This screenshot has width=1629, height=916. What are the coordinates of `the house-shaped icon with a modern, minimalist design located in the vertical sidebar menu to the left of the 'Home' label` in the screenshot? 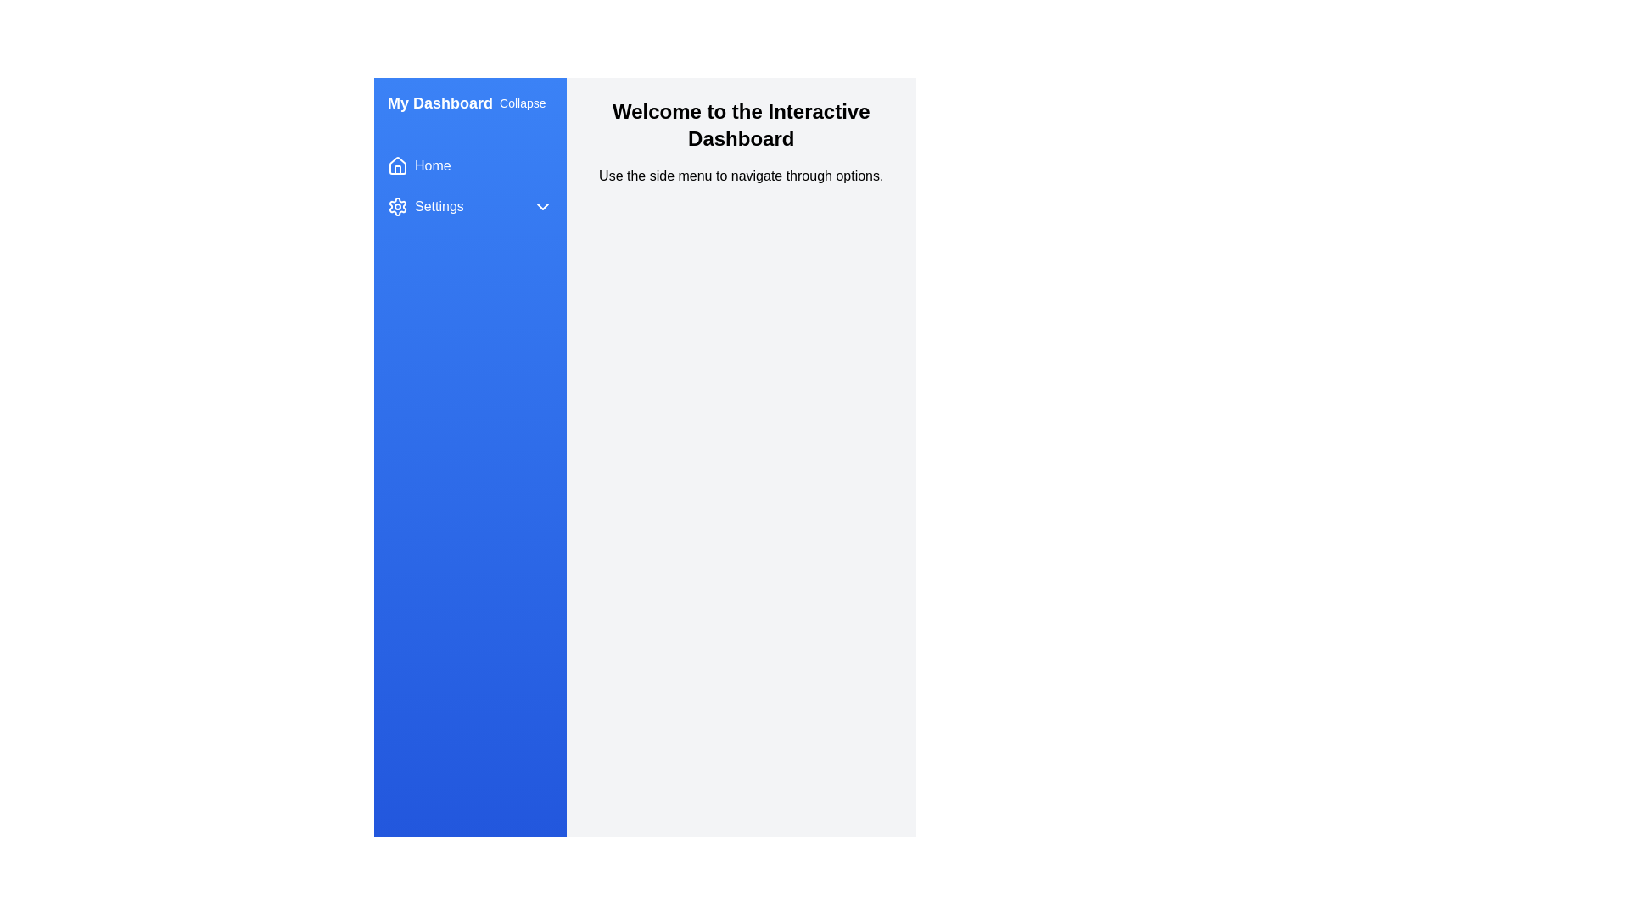 It's located at (397, 166).